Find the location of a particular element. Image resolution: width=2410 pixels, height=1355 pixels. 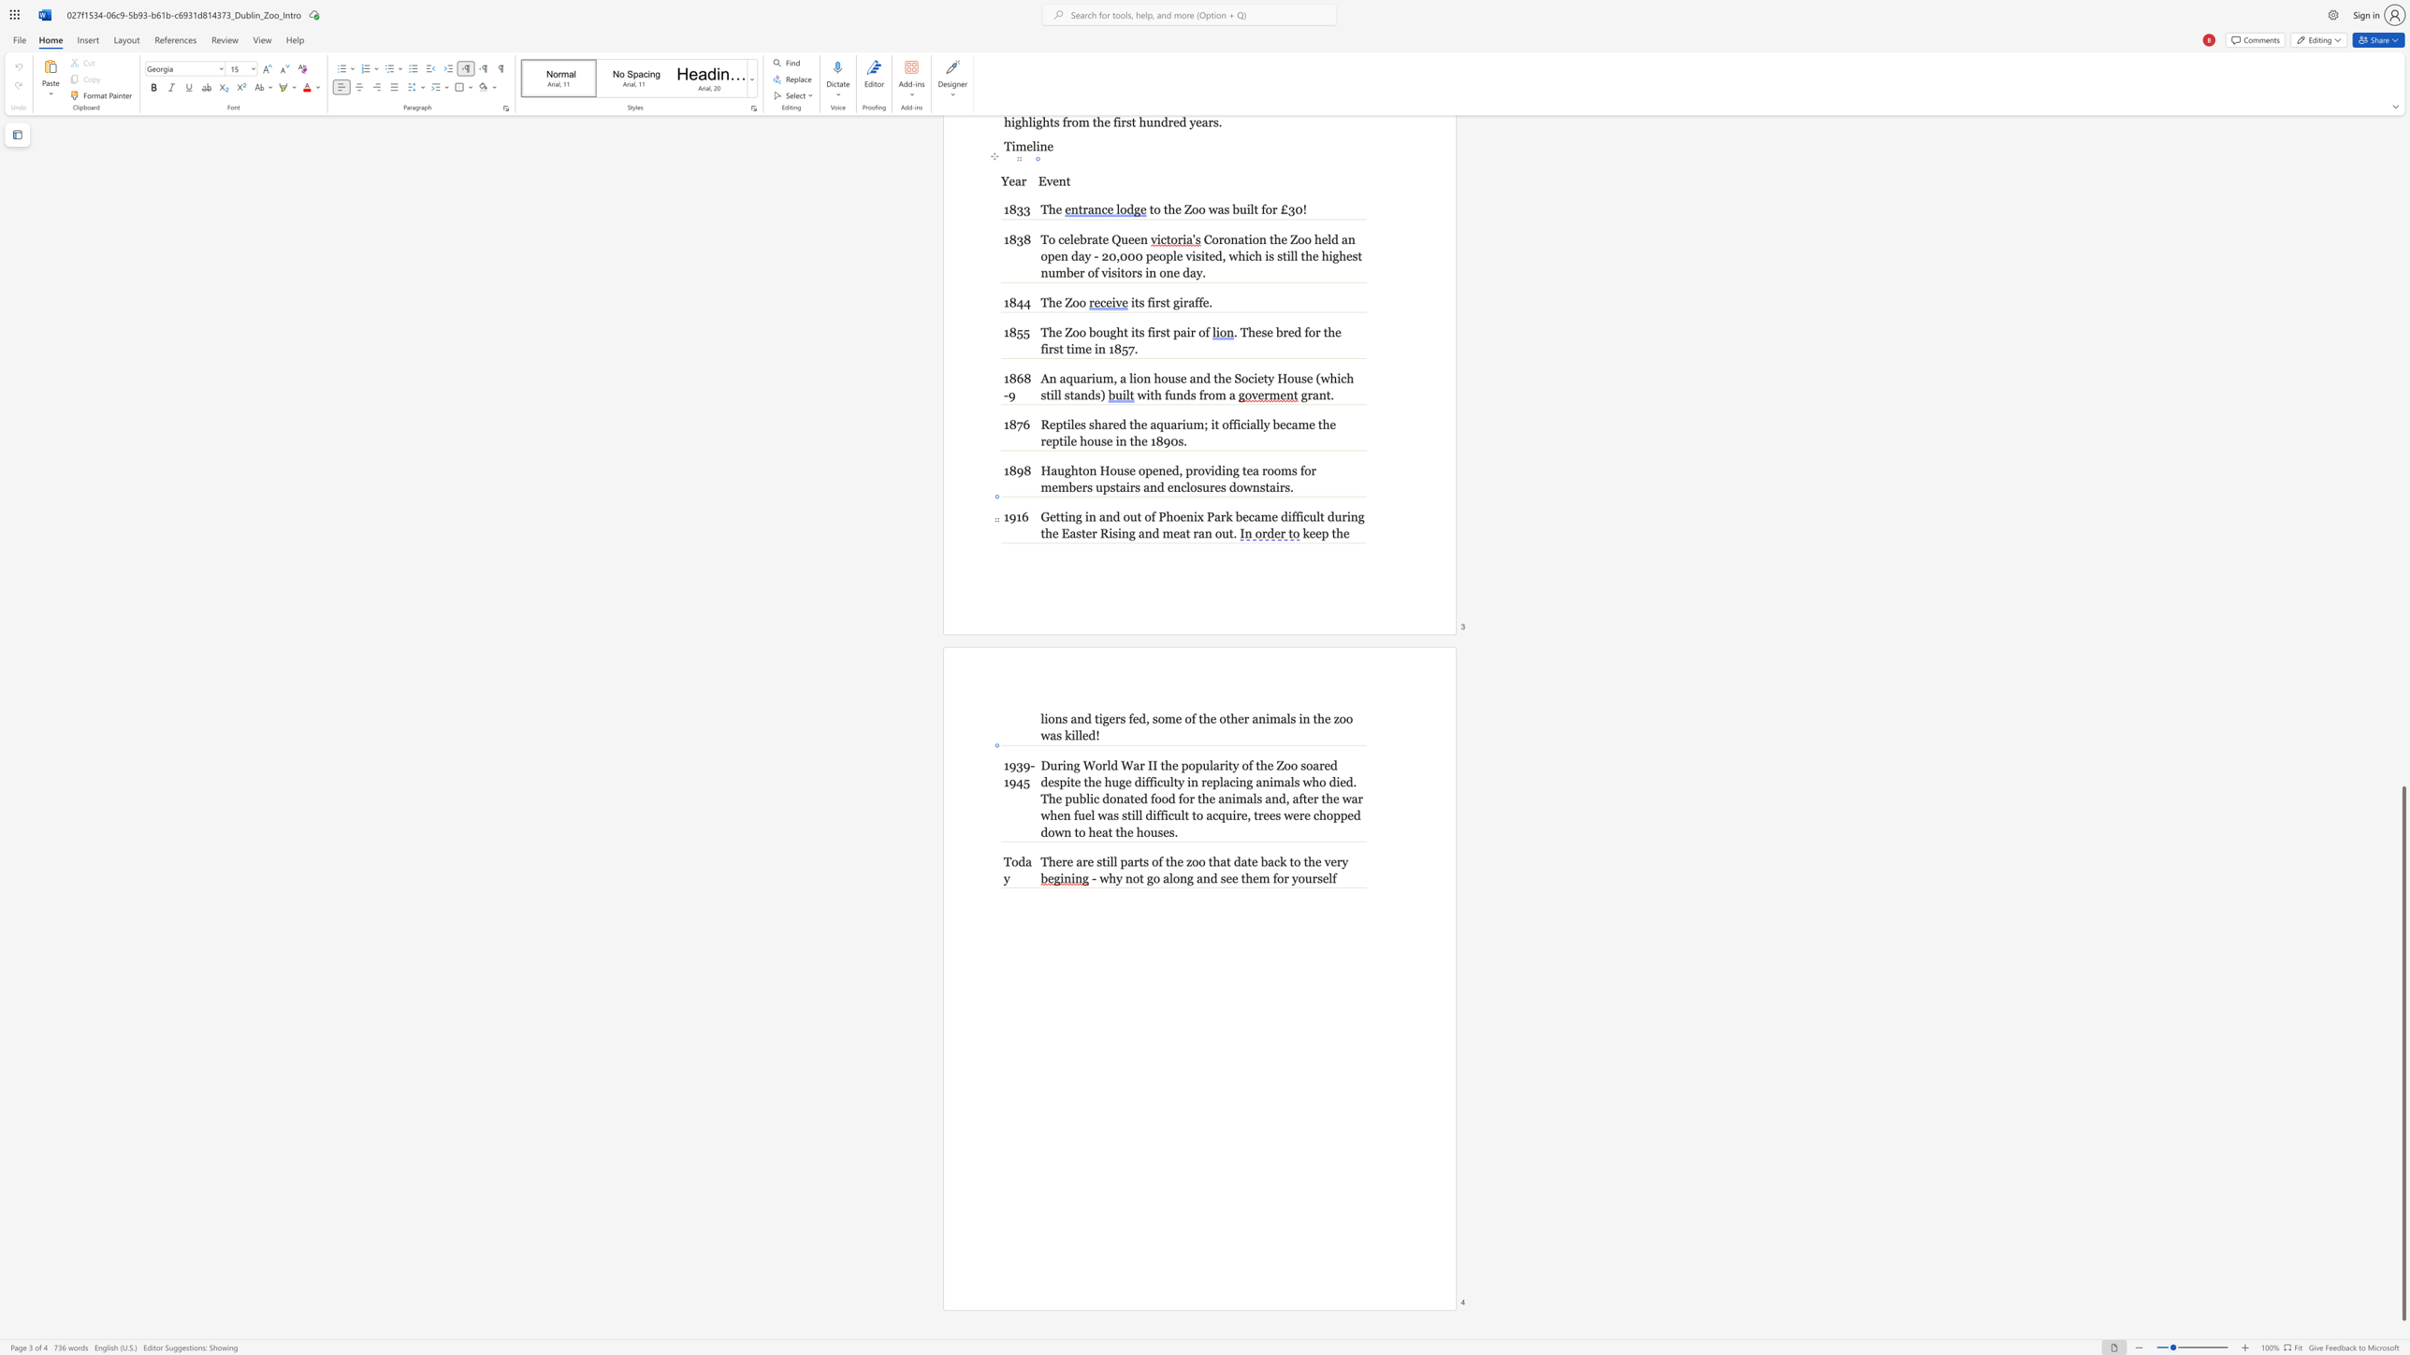

the 3th character "a" in the text is located at coordinates (1267, 799).